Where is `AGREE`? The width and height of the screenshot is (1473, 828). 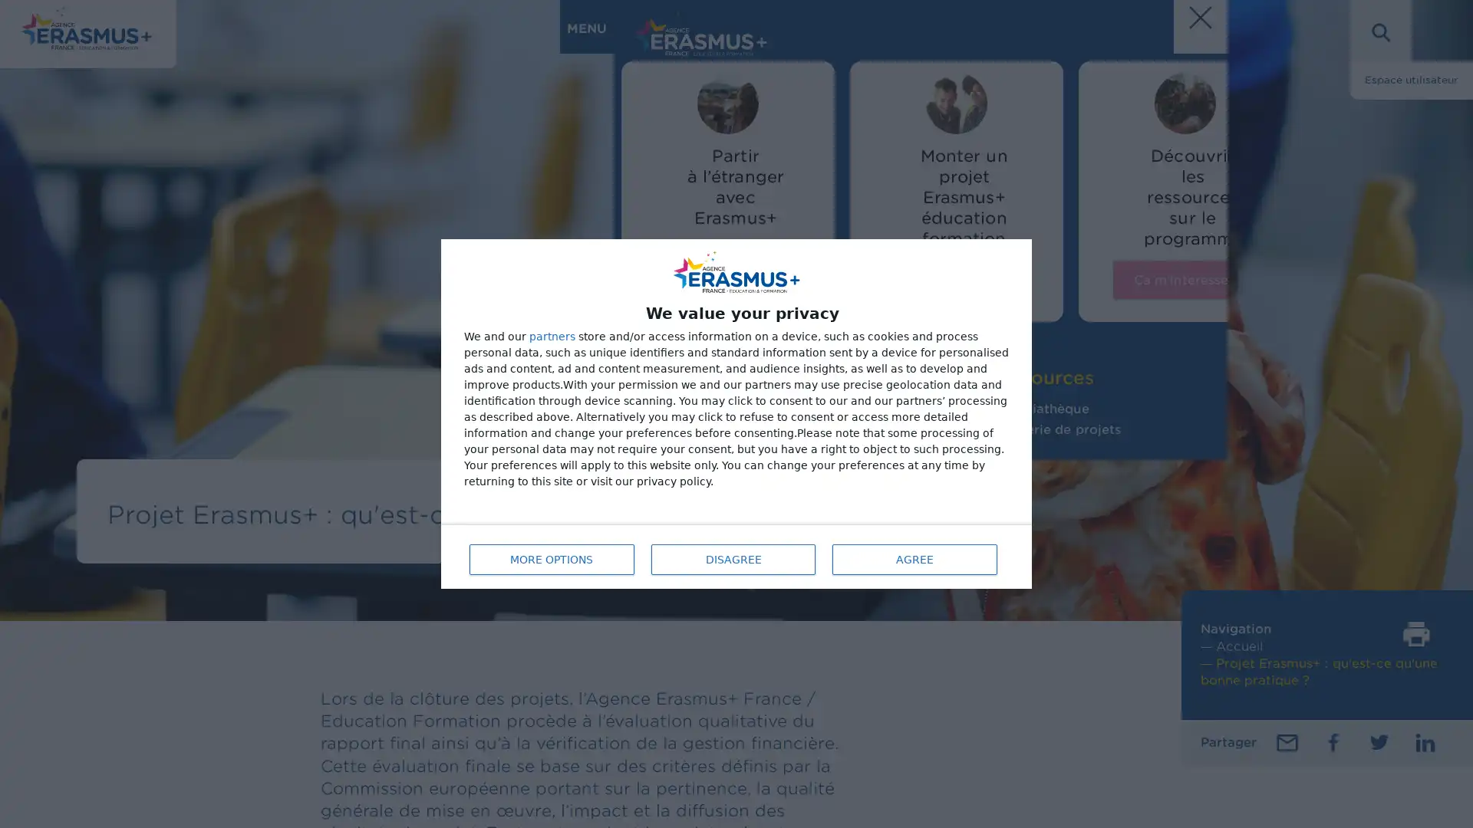
AGREE is located at coordinates (912, 556).